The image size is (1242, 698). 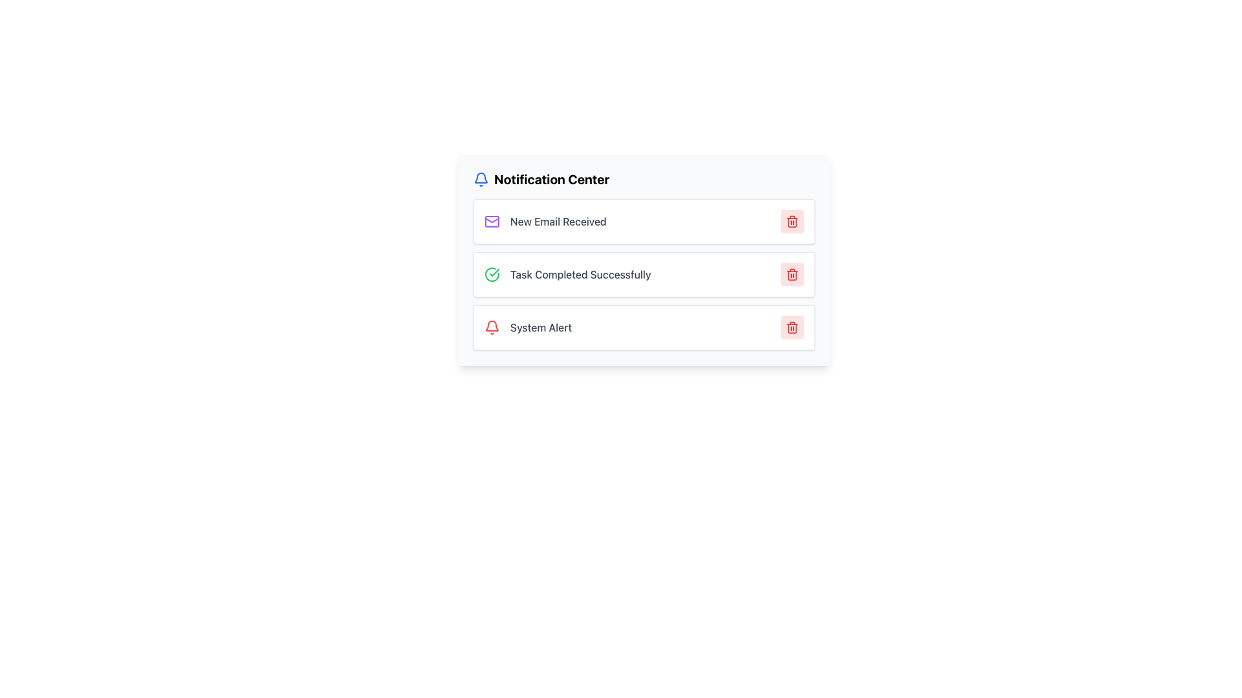 What do you see at coordinates (791, 326) in the screenshot?
I see `the red trash bin icon button located at the right end of the third item in the notification list` at bounding box center [791, 326].